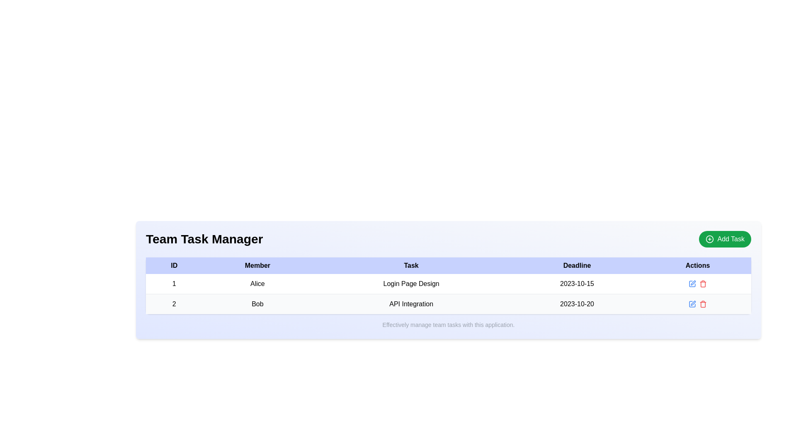 This screenshot has width=796, height=447. I want to click on the rounded green button labeled 'Add Task' located at the top-right corner of the 'Team Task Manager' section, so click(725, 239).